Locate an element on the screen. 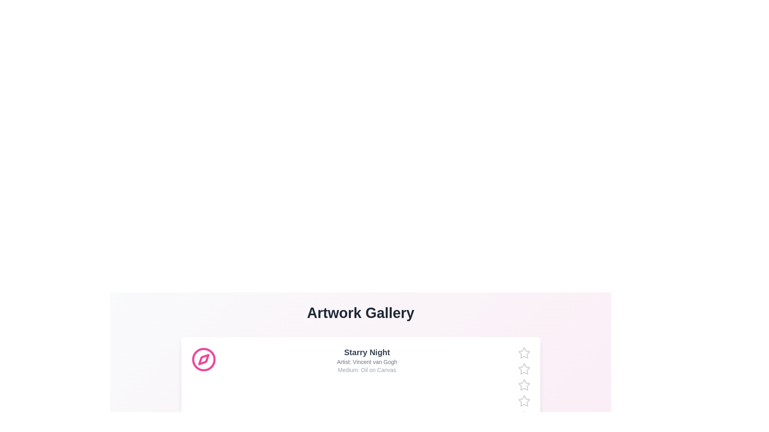 The image size is (769, 432). the rating for the artwork 'Starry Night' to 3 stars is located at coordinates (517, 385).